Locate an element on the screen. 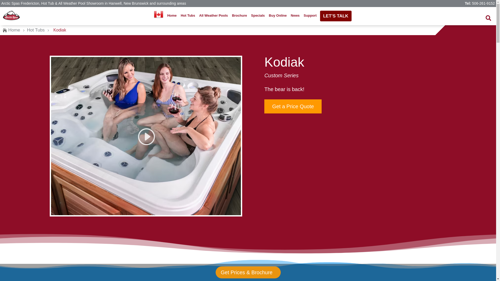 The width and height of the screenshot is (500, 281). 'Support' is located at coordinates (310, 15).